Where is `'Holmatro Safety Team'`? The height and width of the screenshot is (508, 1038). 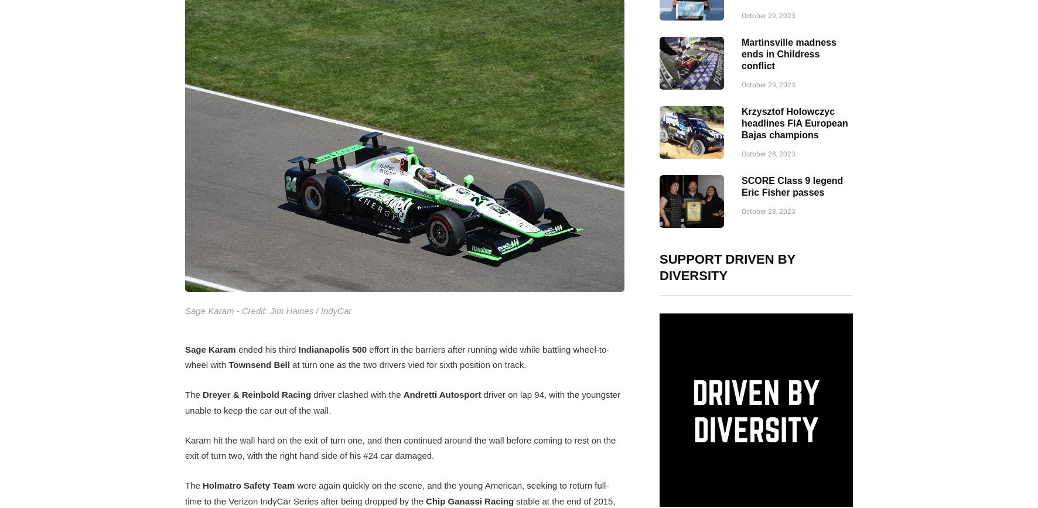
'Holmatro Safety Team' is located at coordinates (248, 485).